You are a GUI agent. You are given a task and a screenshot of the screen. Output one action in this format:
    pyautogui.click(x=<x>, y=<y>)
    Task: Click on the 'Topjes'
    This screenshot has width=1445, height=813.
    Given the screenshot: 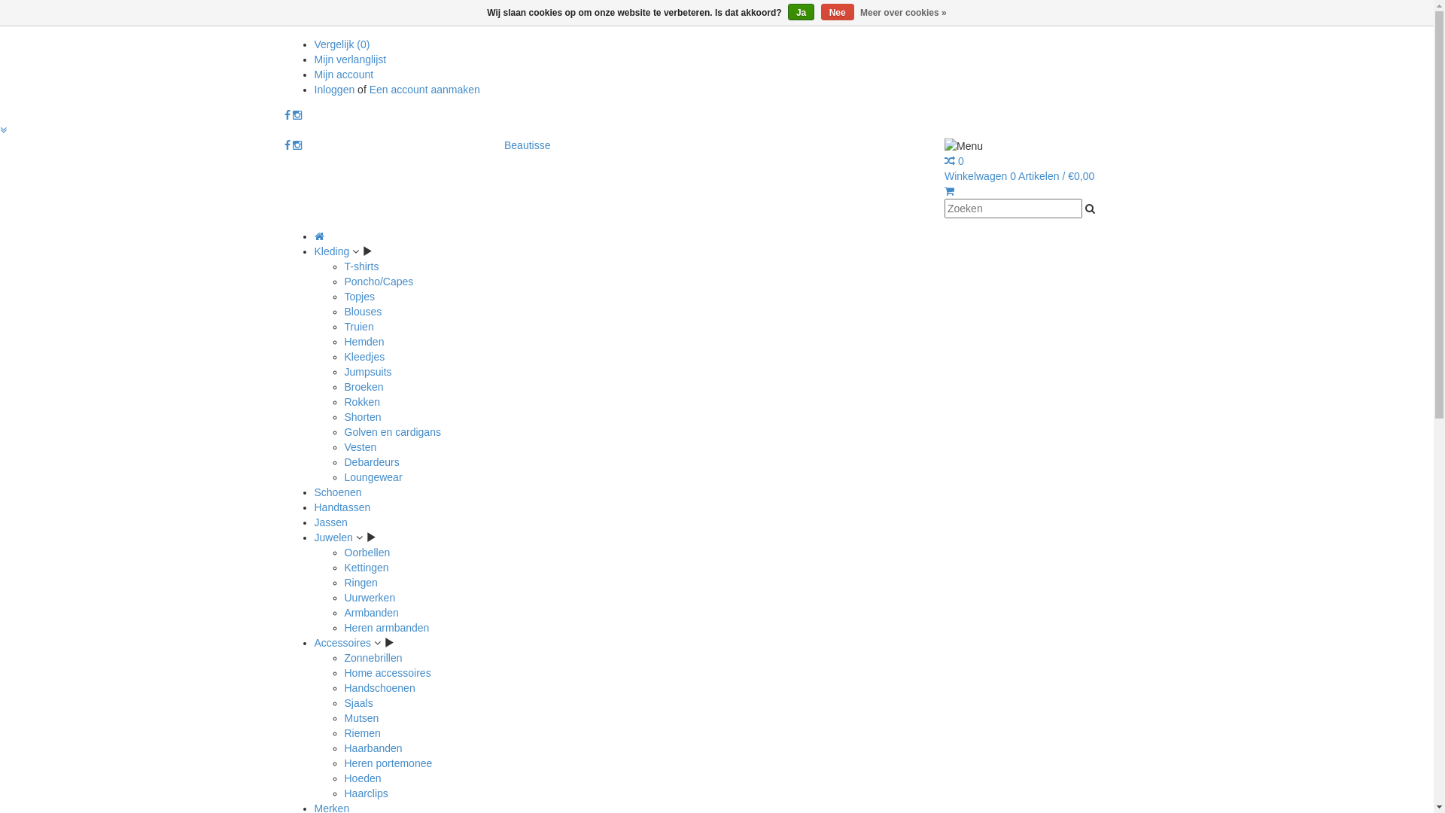 What is the action you would take?
    pyautogui.click(x=359, y=296)
    